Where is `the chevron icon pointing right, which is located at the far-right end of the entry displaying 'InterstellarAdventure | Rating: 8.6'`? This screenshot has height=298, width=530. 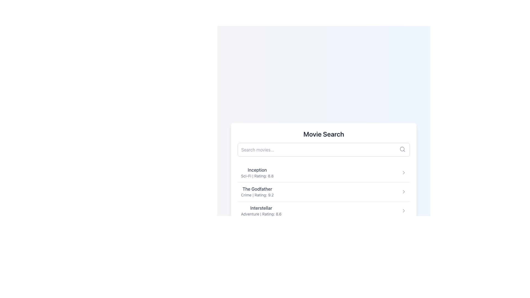
the chevron icon pointing right, which is located at the far-right end of the entry displaying 'InterstellarAdventure | Rating: 8.6' is located at coordinates (404, 211).